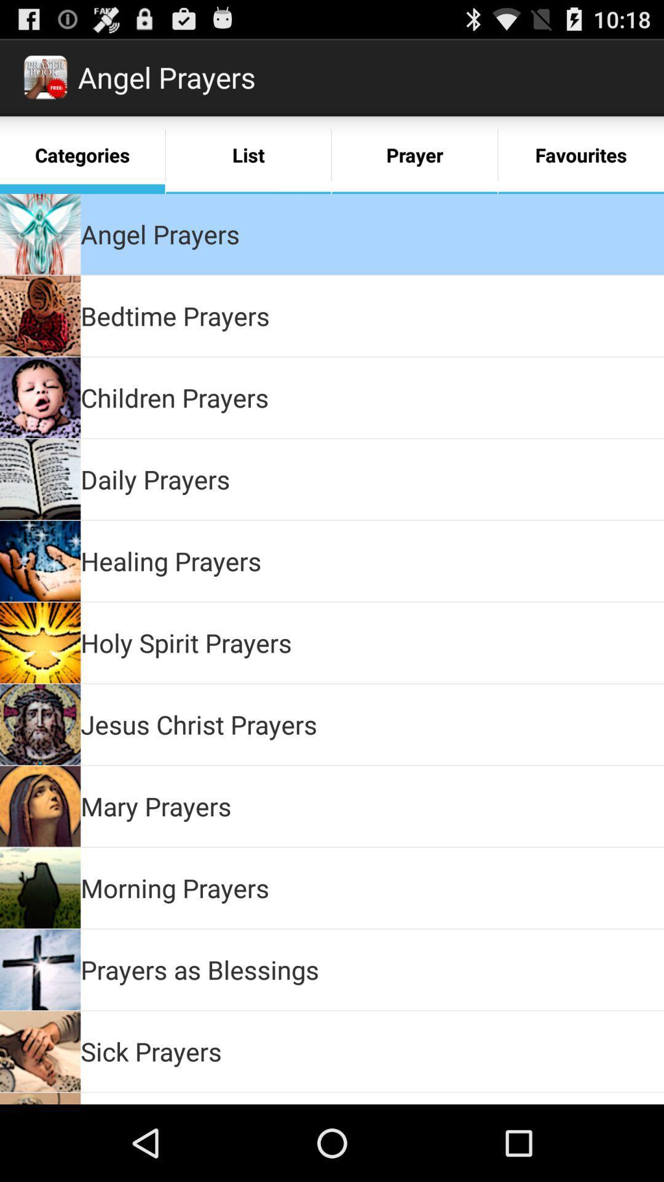 This screenshot has width=664, height=1182. I want to click on children prayers, so click(175, 397).